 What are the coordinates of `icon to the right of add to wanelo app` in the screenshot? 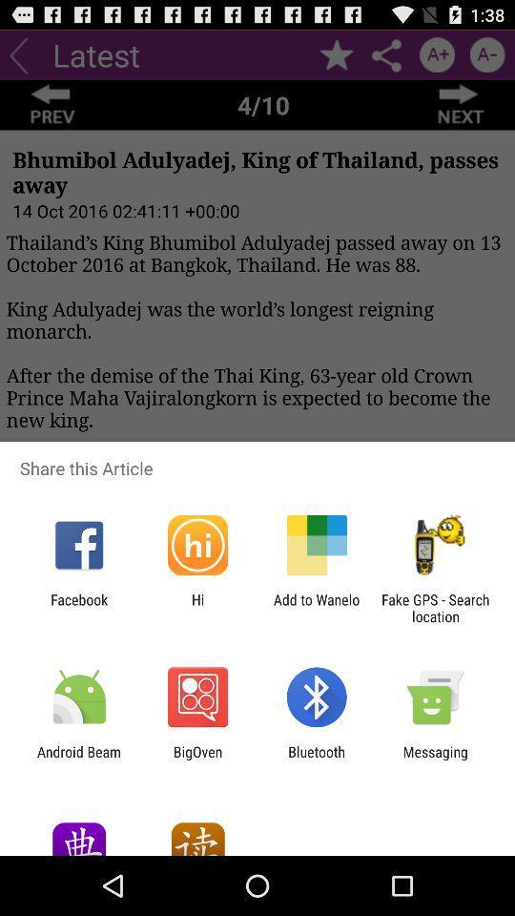 It's located at (435, 607).